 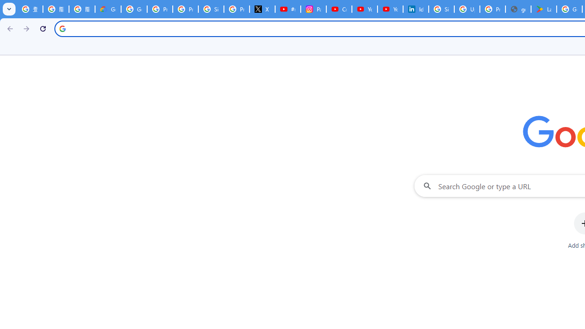 I want to click on '#nbabasketballhighlights - YouTube', so click(x=287, y=9).